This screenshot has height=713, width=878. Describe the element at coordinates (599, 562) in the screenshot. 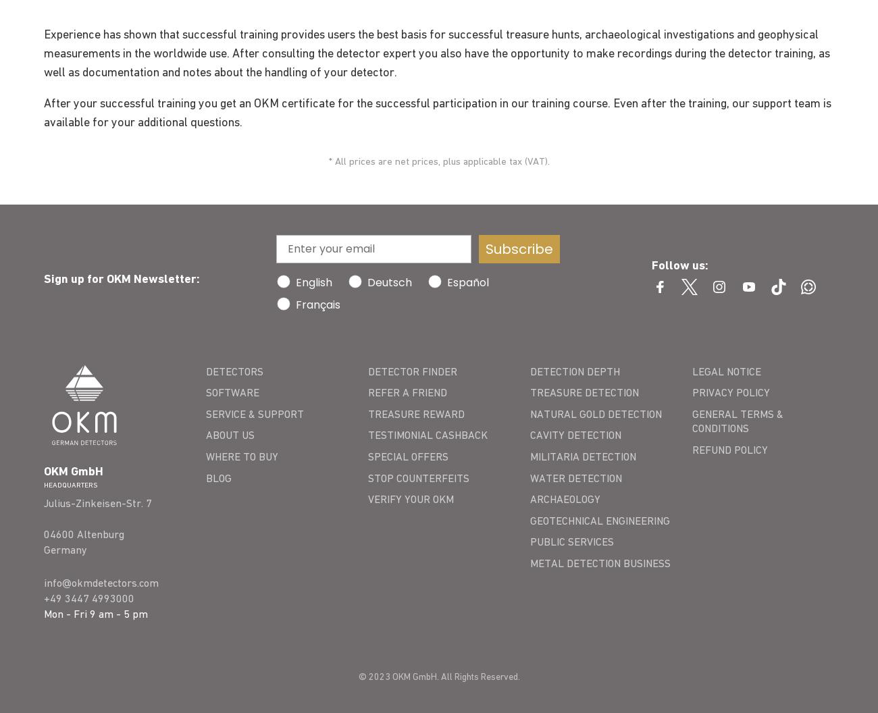

I see `'METAL DETECTION BUSINESS'` at that location.